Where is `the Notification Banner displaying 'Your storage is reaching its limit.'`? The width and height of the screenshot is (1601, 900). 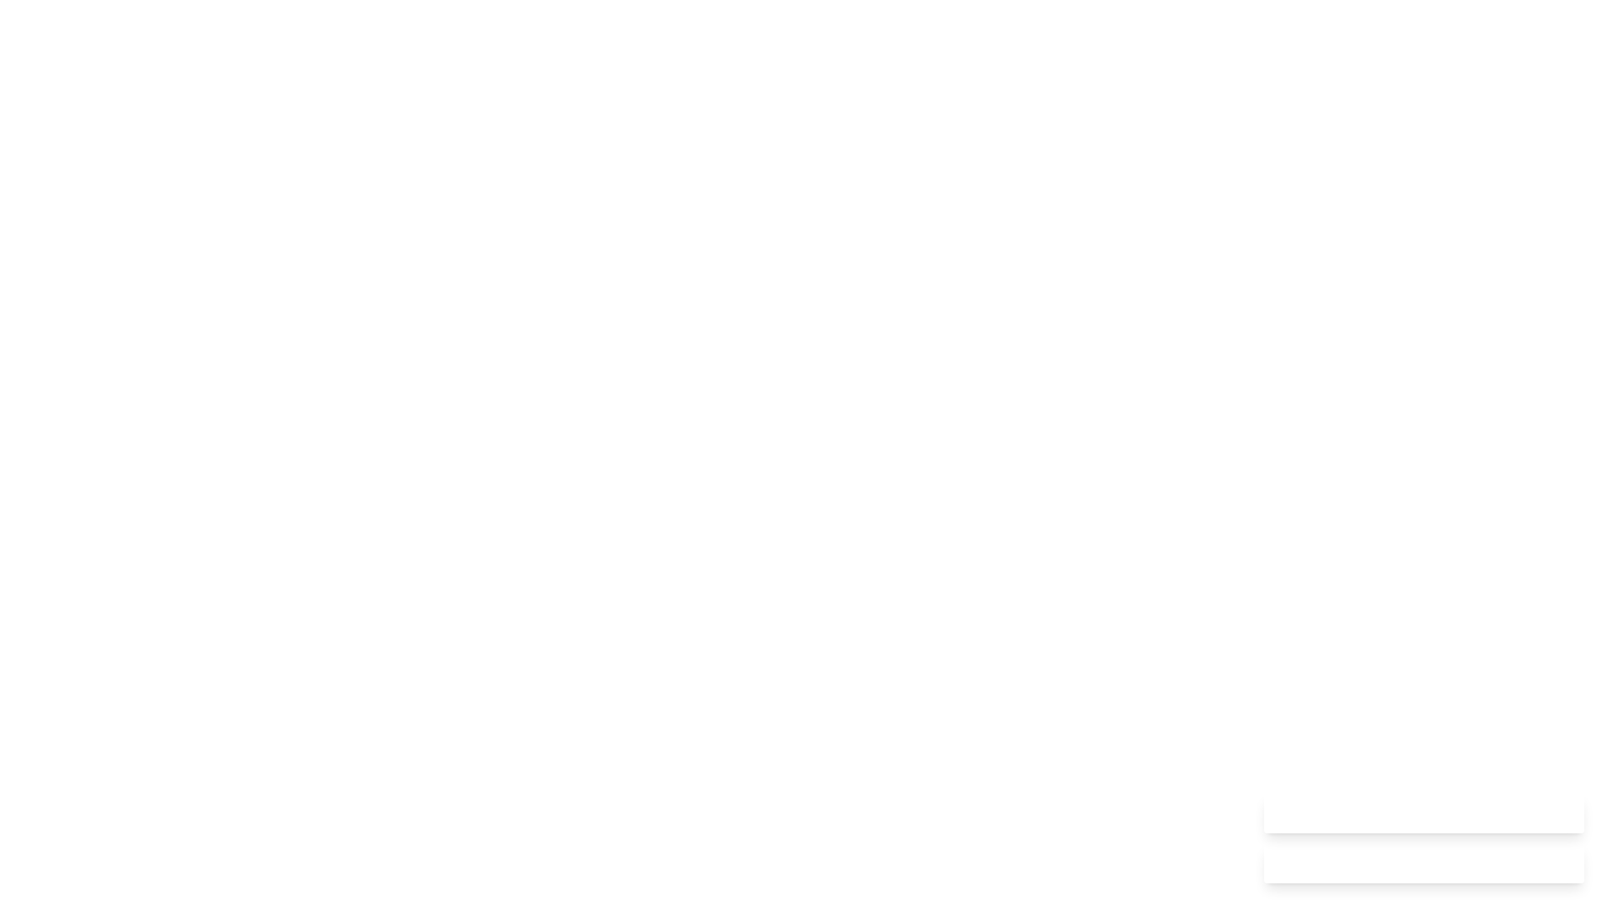 the Notification Banner displaying 'Your storage is reaching its limit.' is located at coordinates (1423, 862).